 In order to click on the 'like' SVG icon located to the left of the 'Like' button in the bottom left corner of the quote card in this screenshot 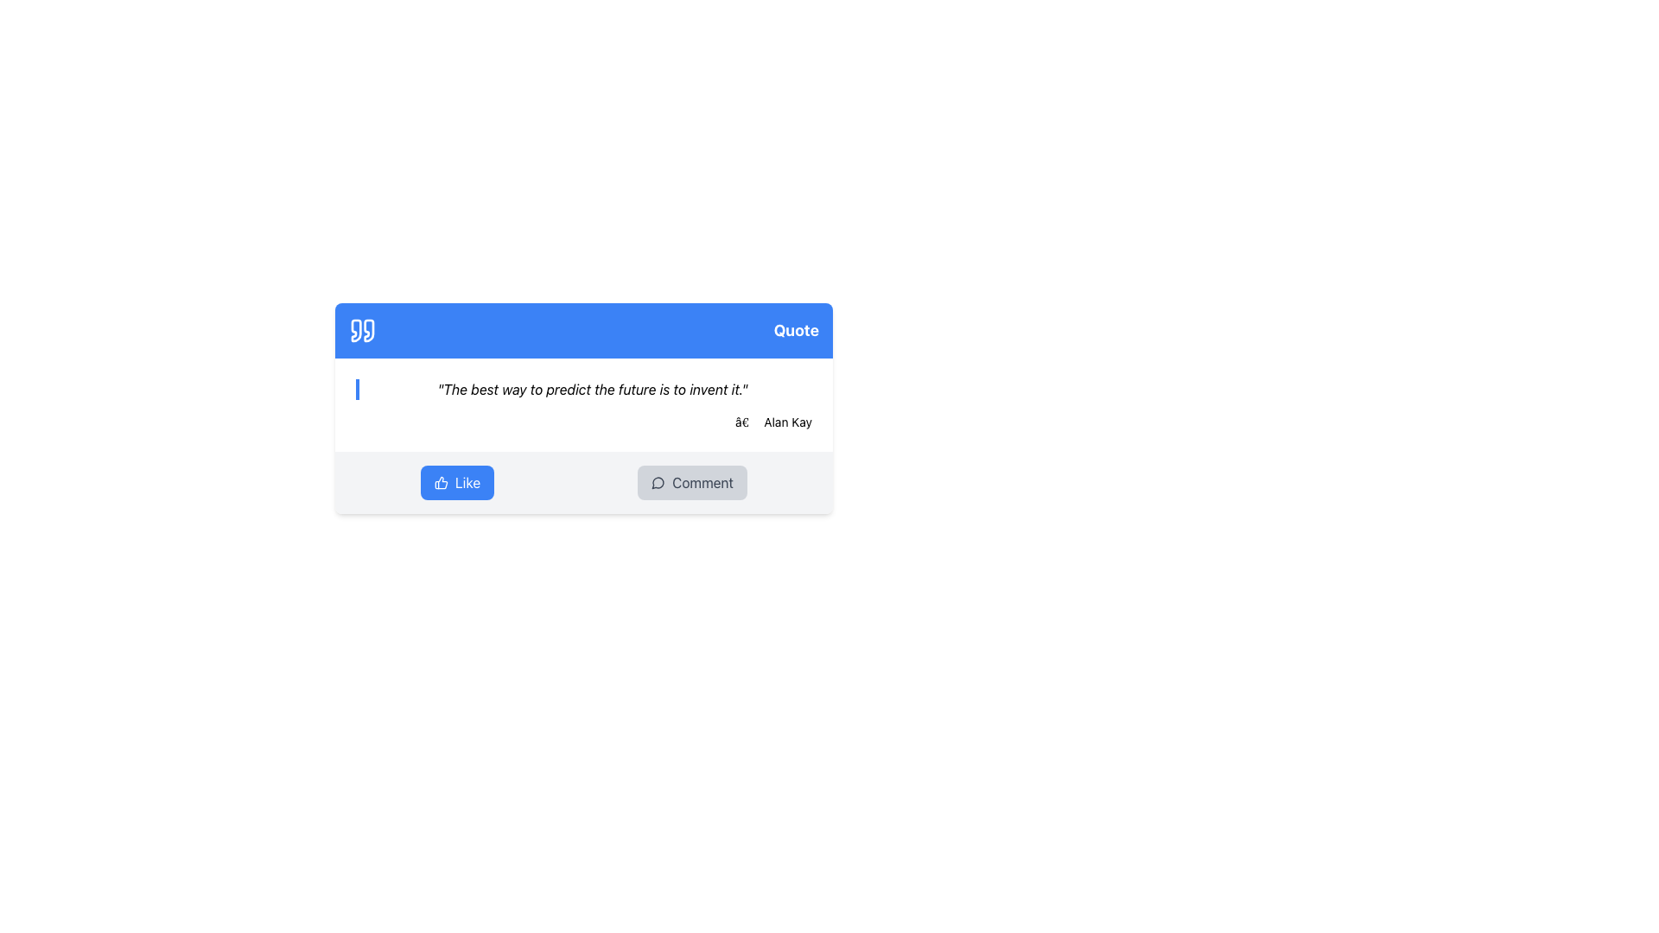, I will do `click(441, 483)`.